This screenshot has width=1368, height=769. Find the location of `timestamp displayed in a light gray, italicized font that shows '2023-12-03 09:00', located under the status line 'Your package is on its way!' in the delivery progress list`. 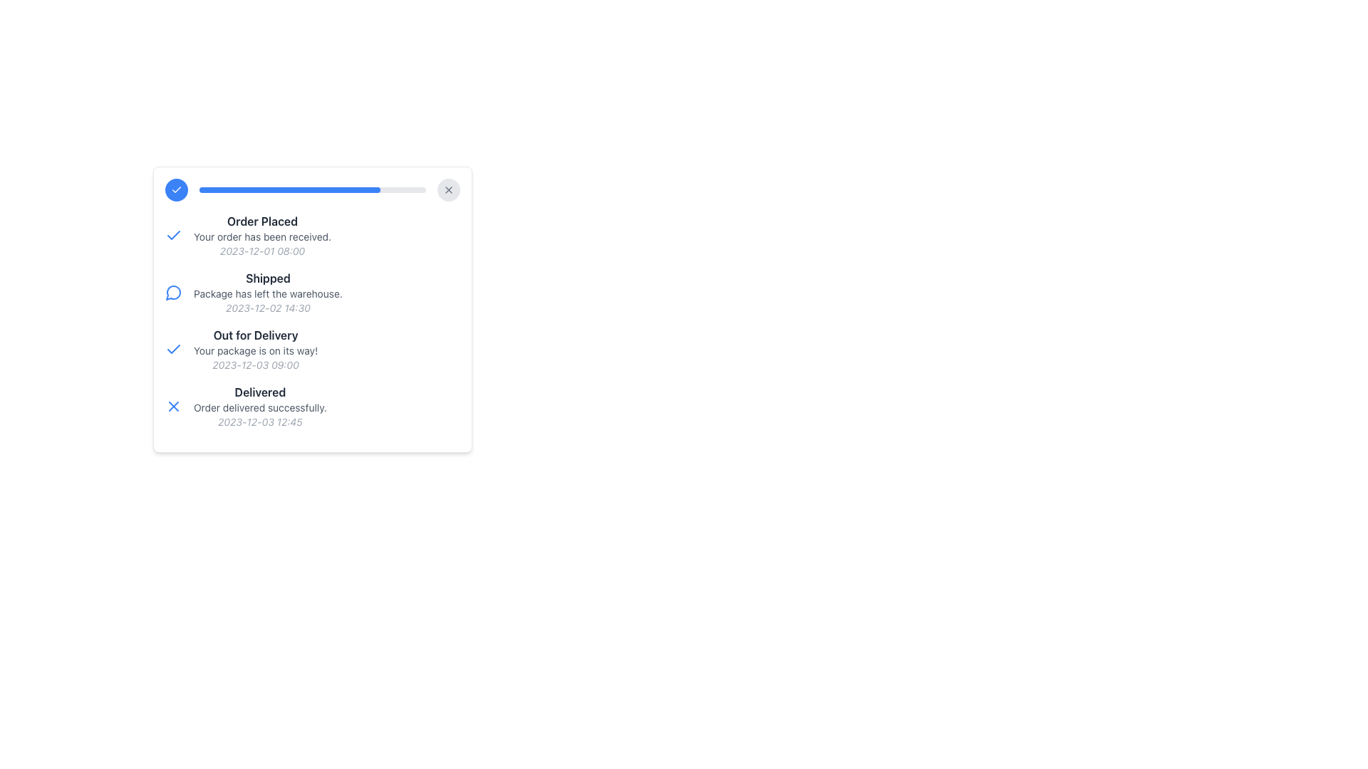

timestamp displayed in a light gray, italicized font that shows '2023-12-03 09:00', located under the status line 'Your package is on its way!' in the delivery progress list is located at coordinates (256, 365).